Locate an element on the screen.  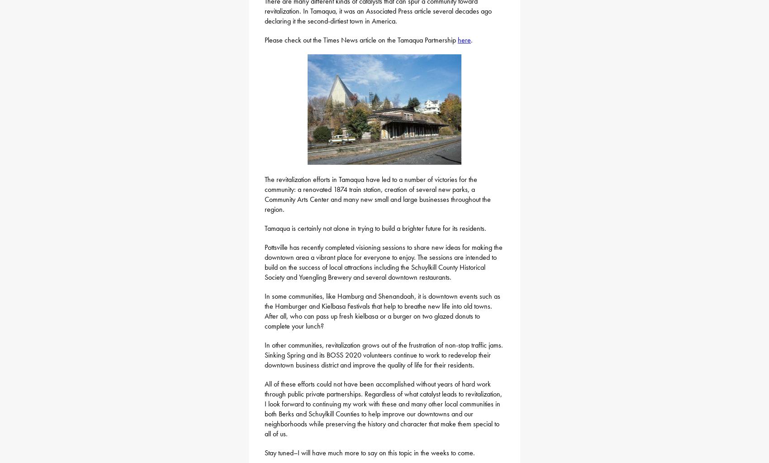
'In some communities, like Hamburg and Shenandoah, it is downtown events such as the Hamburger and Kielbasa Festivals that help to breathe new life into old towns. After all, who can pass up fresh kielbasa or a burger on two glazed donuts to complete your lunch?' is located at coordinates (382, 310).